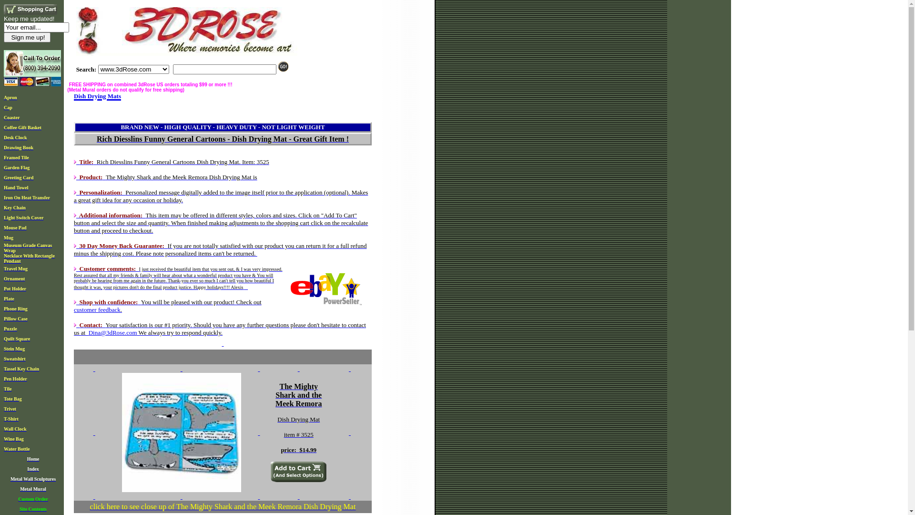 The width and height of the screenshot is (915, 515). I want to click on 'Coaster', so click(11, 116).